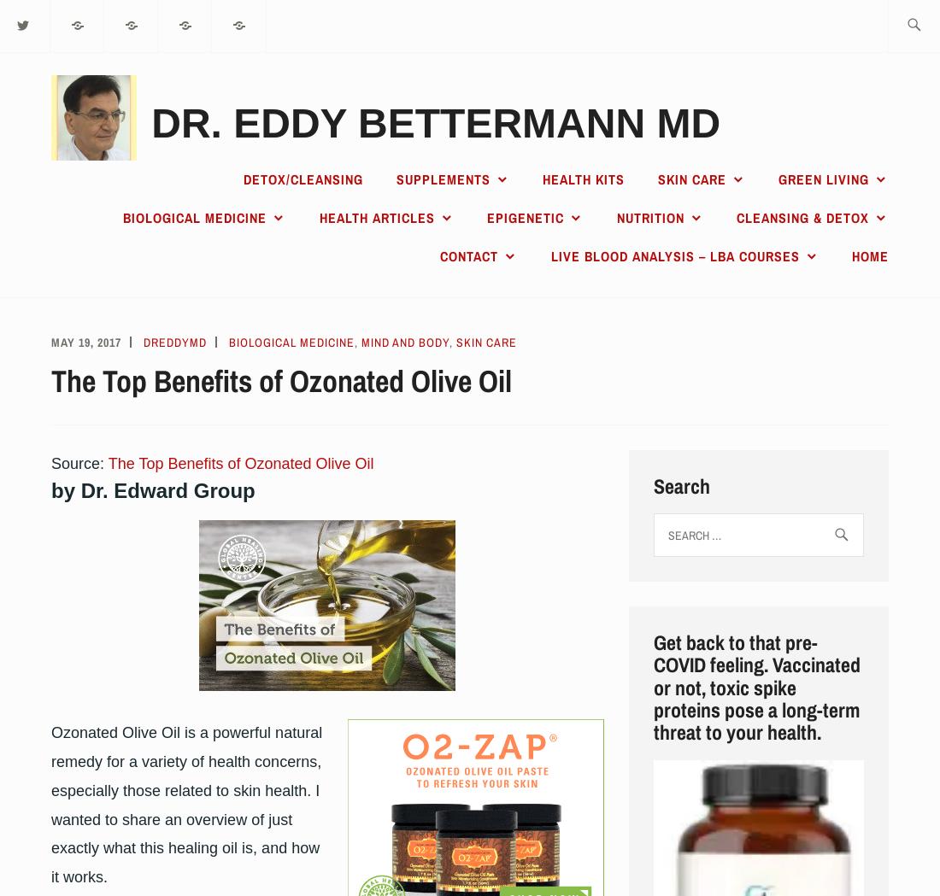  Describe the element at coordinates (525, 217) in the screenshot. I see `'Epigenetic'` at that location.